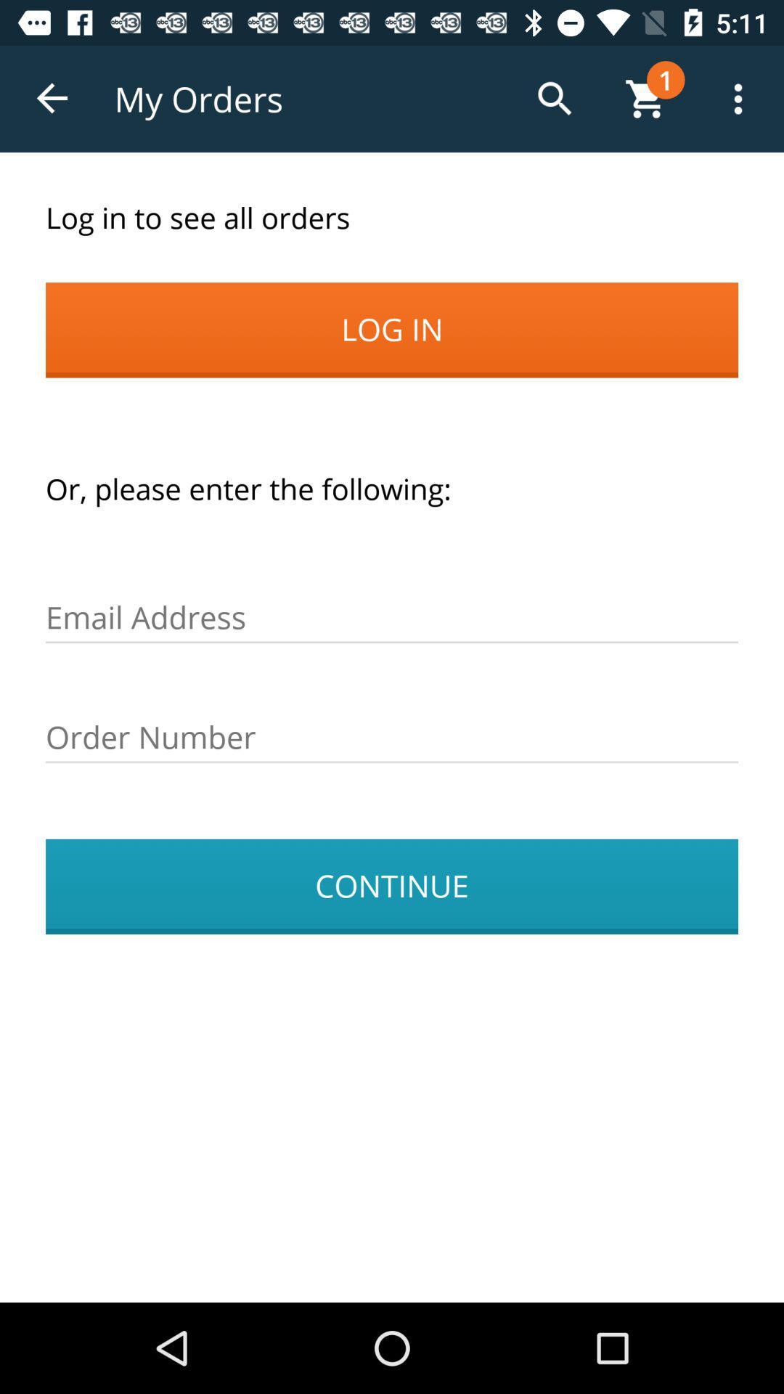  What do you see at coordinates (52, 98) in the screenshot?
I see `the item to the left of my orders app` at bounding box center [52, 98].